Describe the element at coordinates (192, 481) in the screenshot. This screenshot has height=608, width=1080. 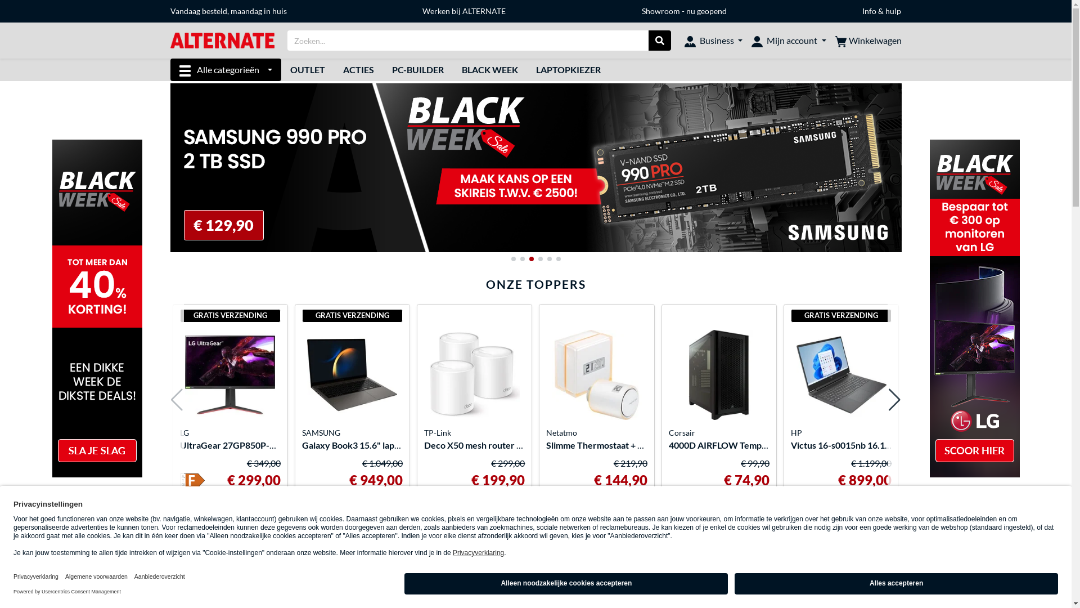
I see `'F'` at that location.